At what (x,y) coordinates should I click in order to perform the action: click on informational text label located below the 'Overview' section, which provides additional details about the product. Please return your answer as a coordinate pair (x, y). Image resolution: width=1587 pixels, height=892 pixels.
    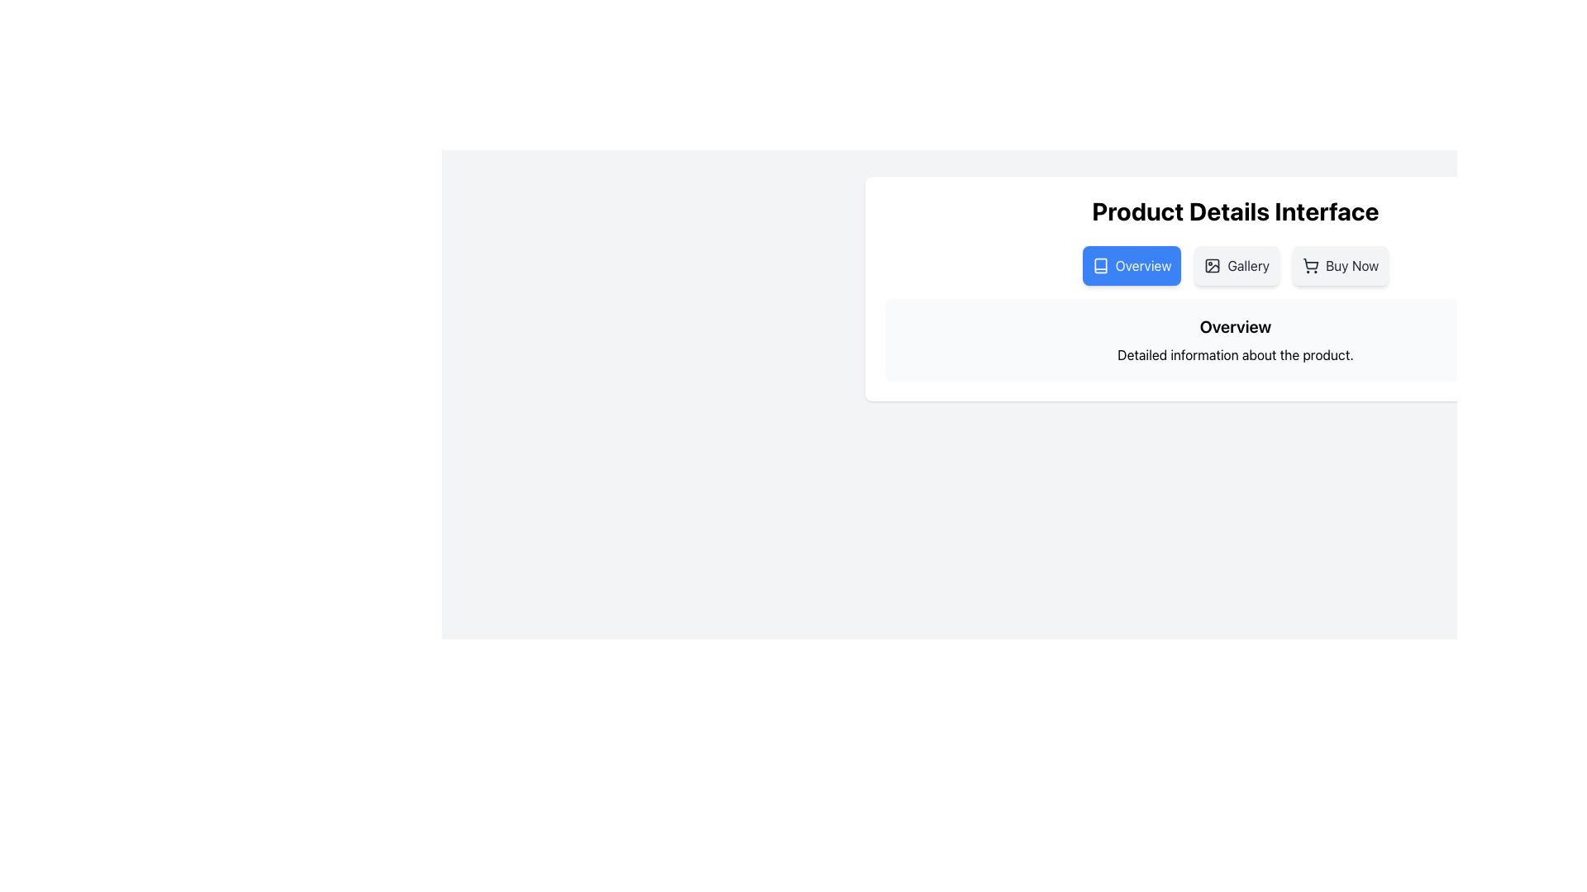
    Looking at the image, I should click on (1235, 353).